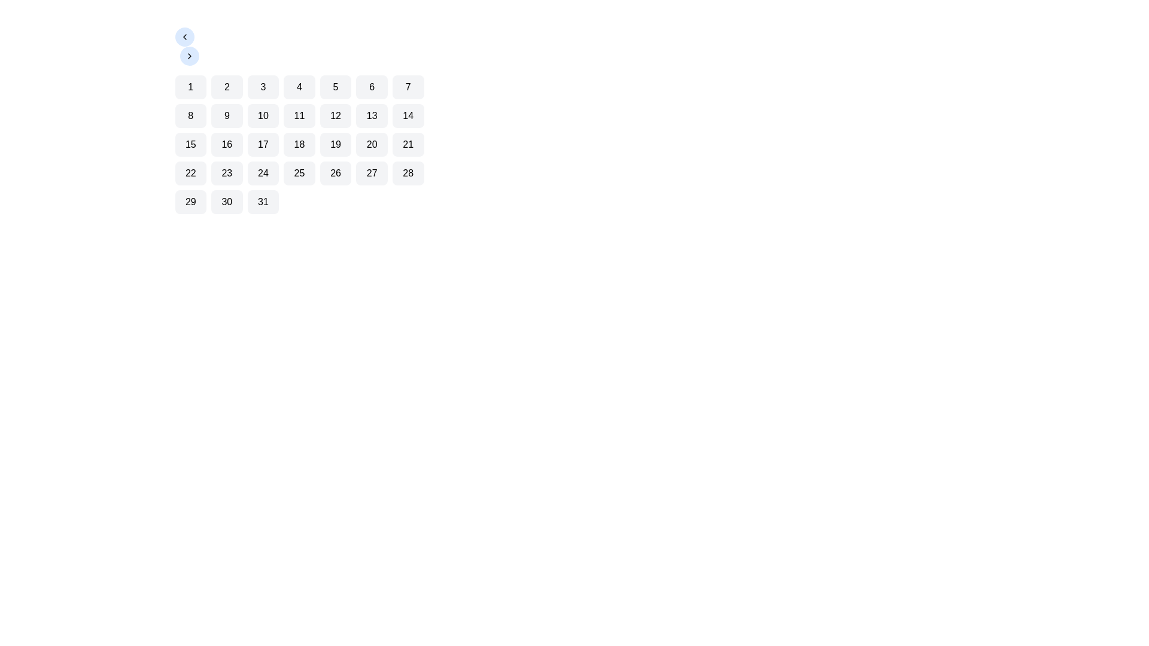 The width and height of the screenshot is (1149, 646). I want to click on the rounded rectangular button with a light gray background and the number '3' centered in black text, located in the first row and third column of a grid layout, so click(262, 87).